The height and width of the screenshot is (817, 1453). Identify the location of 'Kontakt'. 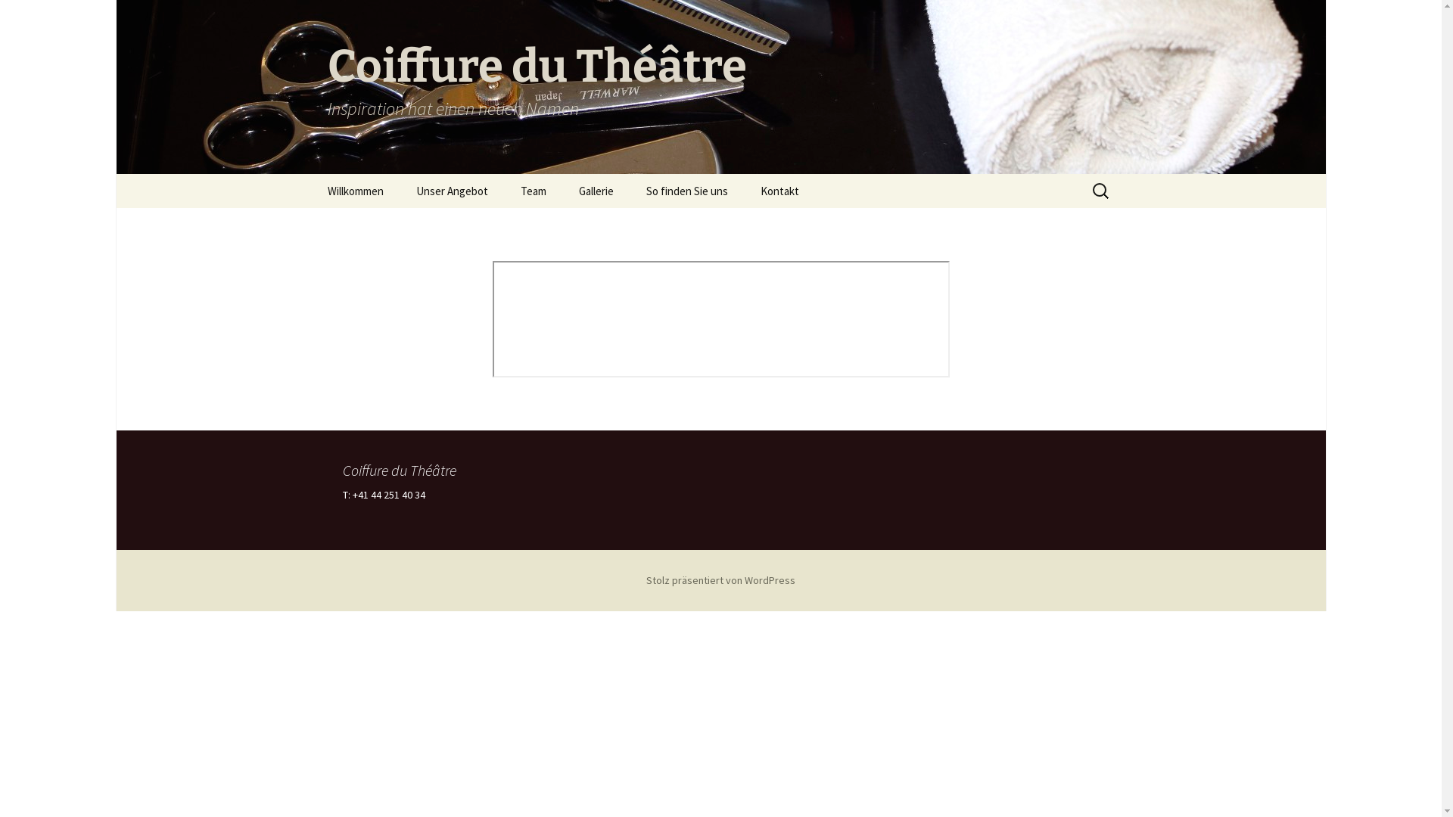
(779, 190).